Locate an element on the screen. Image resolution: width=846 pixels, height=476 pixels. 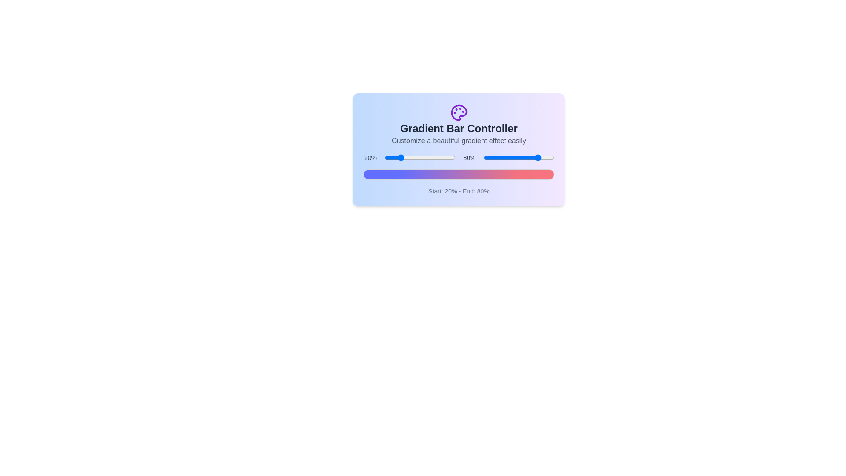
the start percentage slider to 1% is located at coordinates (385, 157).